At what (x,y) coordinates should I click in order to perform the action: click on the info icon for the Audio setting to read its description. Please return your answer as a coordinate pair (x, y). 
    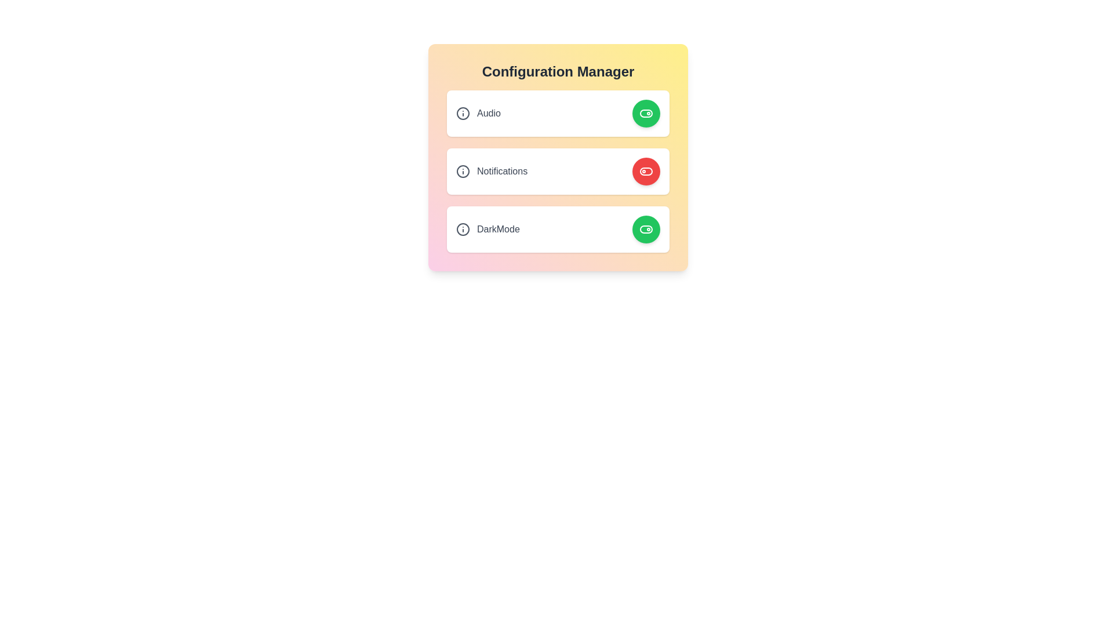
    Looking at the image, I should click on (462, 114).